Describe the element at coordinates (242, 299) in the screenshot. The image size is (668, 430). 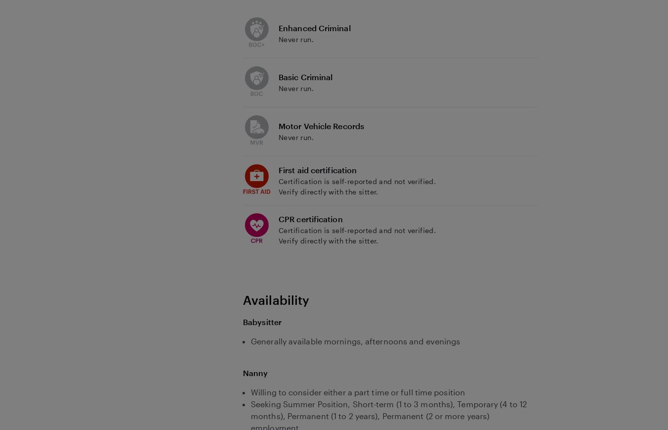
I see `'Availability'` at that location.